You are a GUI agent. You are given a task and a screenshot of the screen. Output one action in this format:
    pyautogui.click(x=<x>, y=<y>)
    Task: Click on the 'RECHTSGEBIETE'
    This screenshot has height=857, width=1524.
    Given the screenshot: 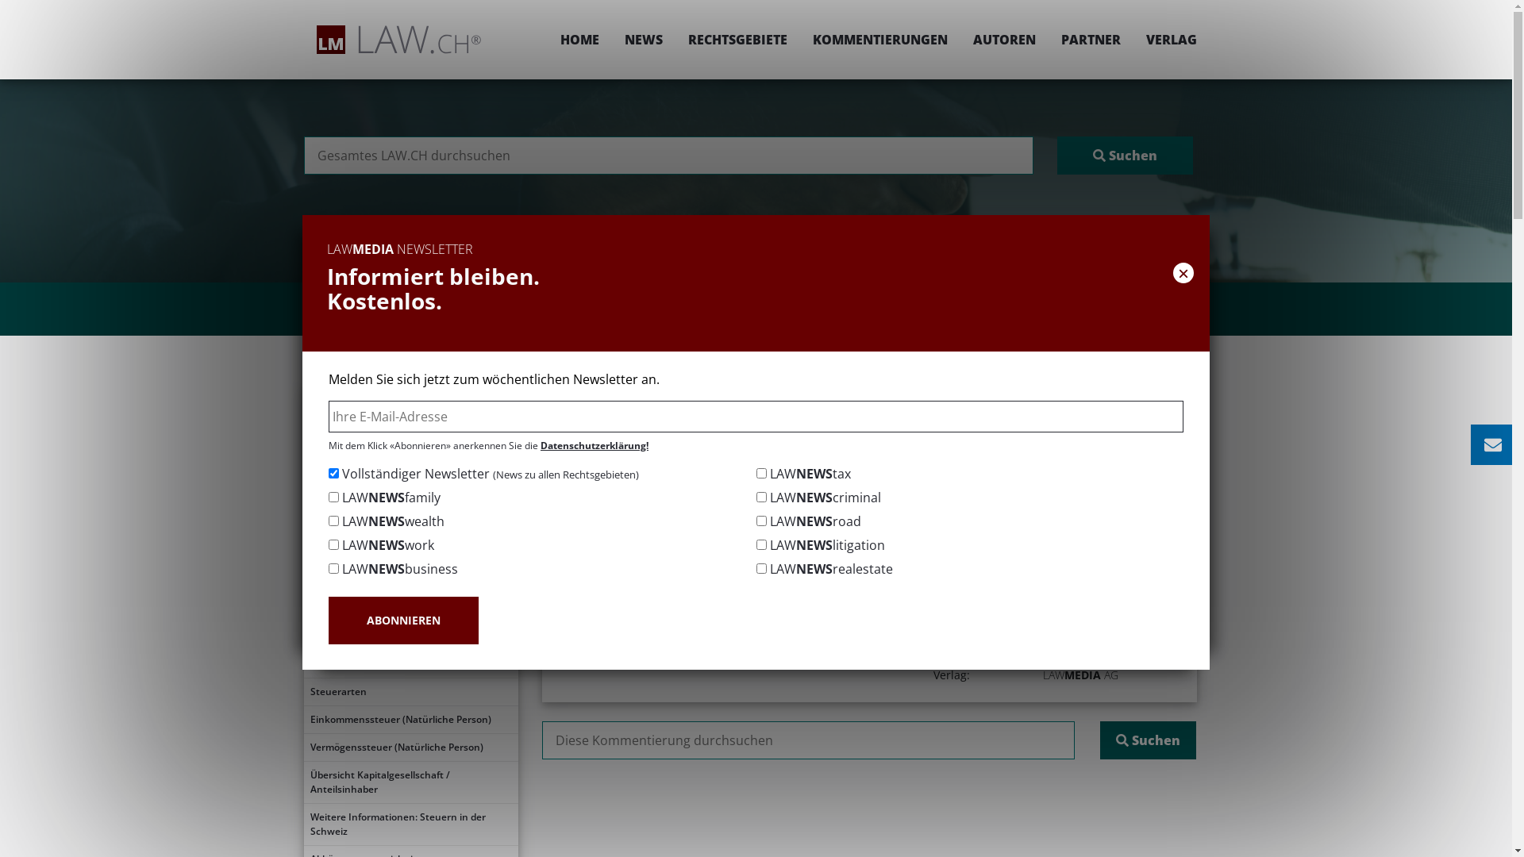 What is the action you would take?
    pyautogui.click(x=736, y=39)
    